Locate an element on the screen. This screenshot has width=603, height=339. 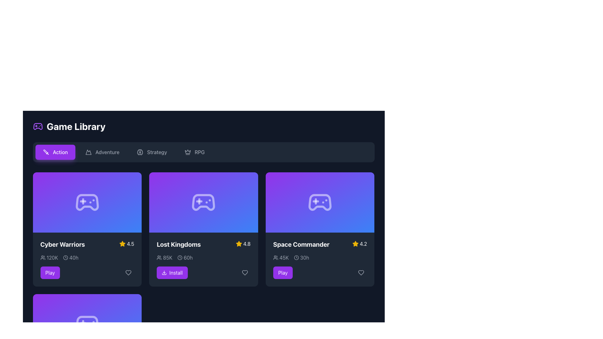
the static text label that displays the rating value of '4.2' for the 'Space Commander' game, located to the right of the yellow star icon within the 'Space Commander' card in the Game Library interface is located at coordinates (363, 243).